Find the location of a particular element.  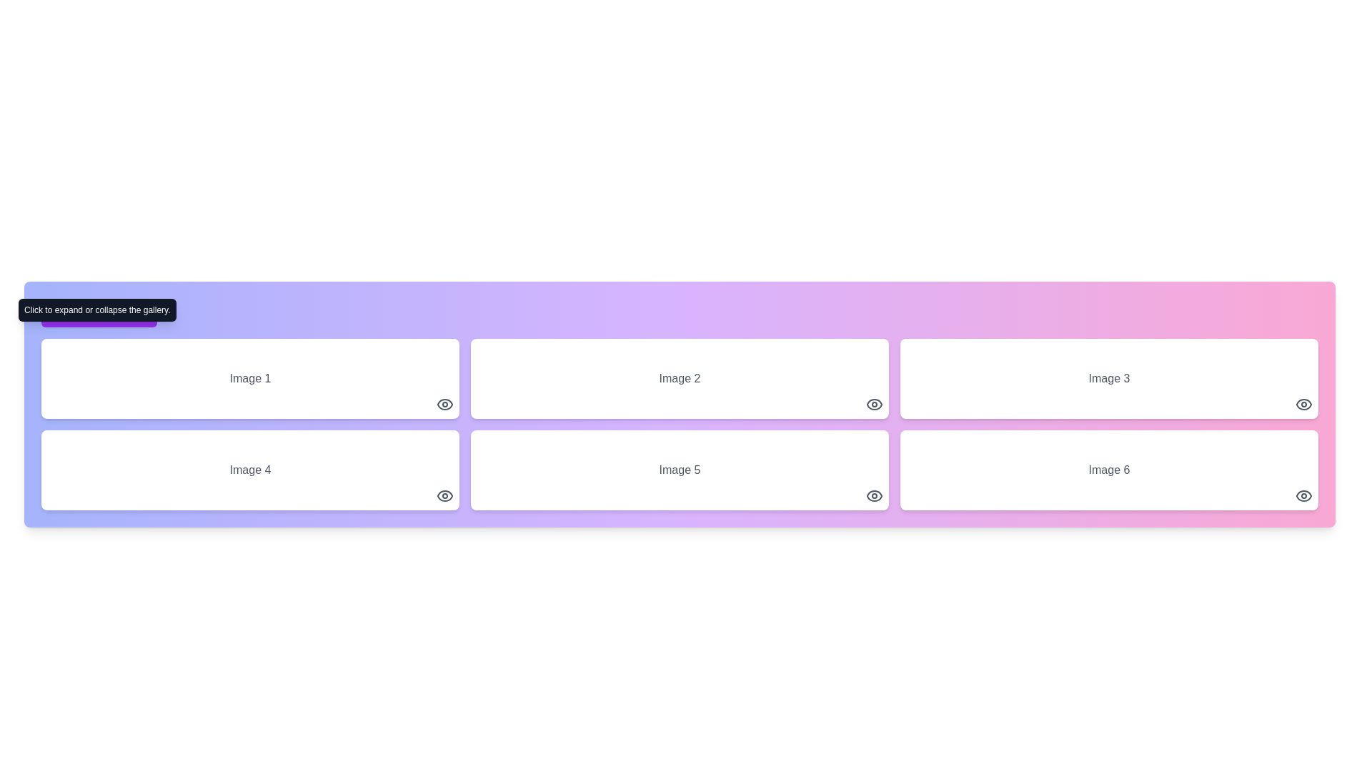

the elliptical outline of the eye icon located at the bottom-right corner of the card labeled 'Image 3' is located at coordinates (1303, 405).